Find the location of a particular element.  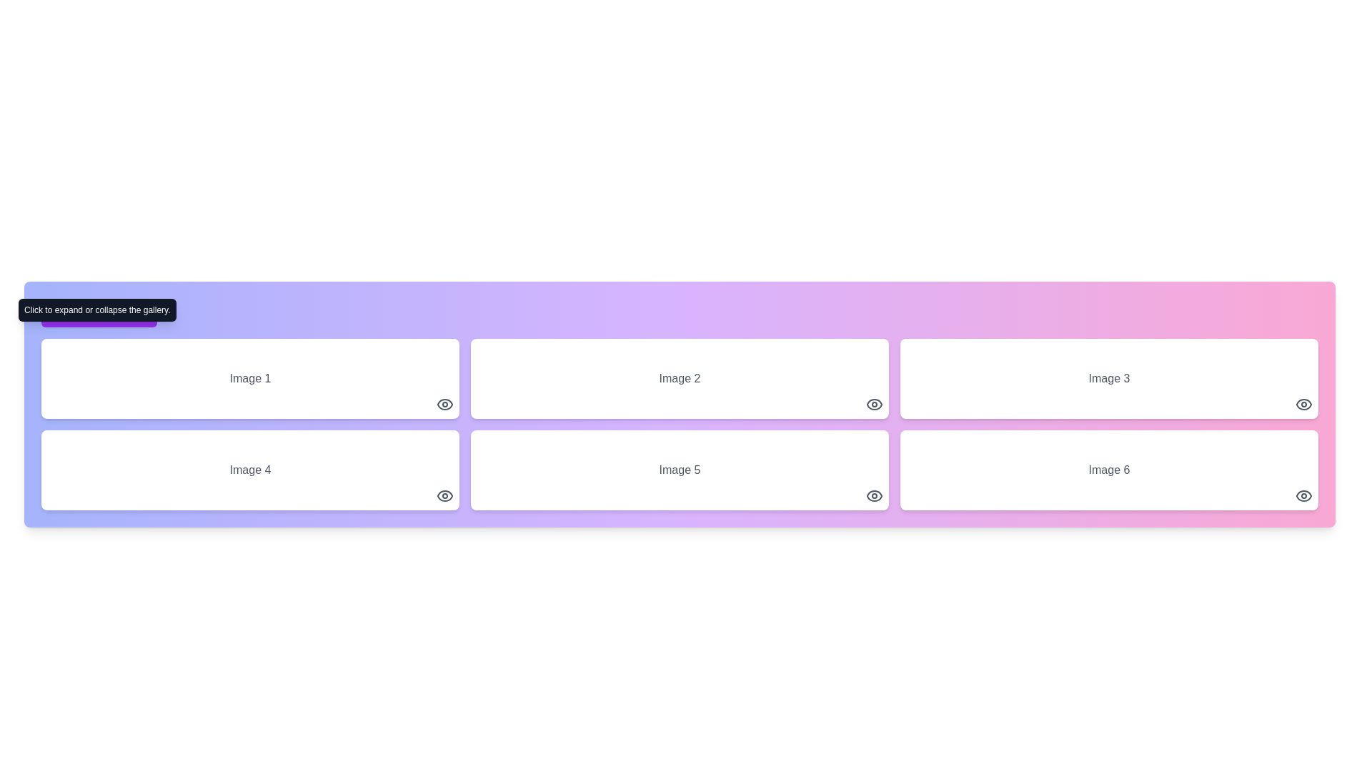

the elliptical outline of the eye icon located at the bottom-right corner of the card labeled 'Image 3' is located at coordinates (1303, 405).